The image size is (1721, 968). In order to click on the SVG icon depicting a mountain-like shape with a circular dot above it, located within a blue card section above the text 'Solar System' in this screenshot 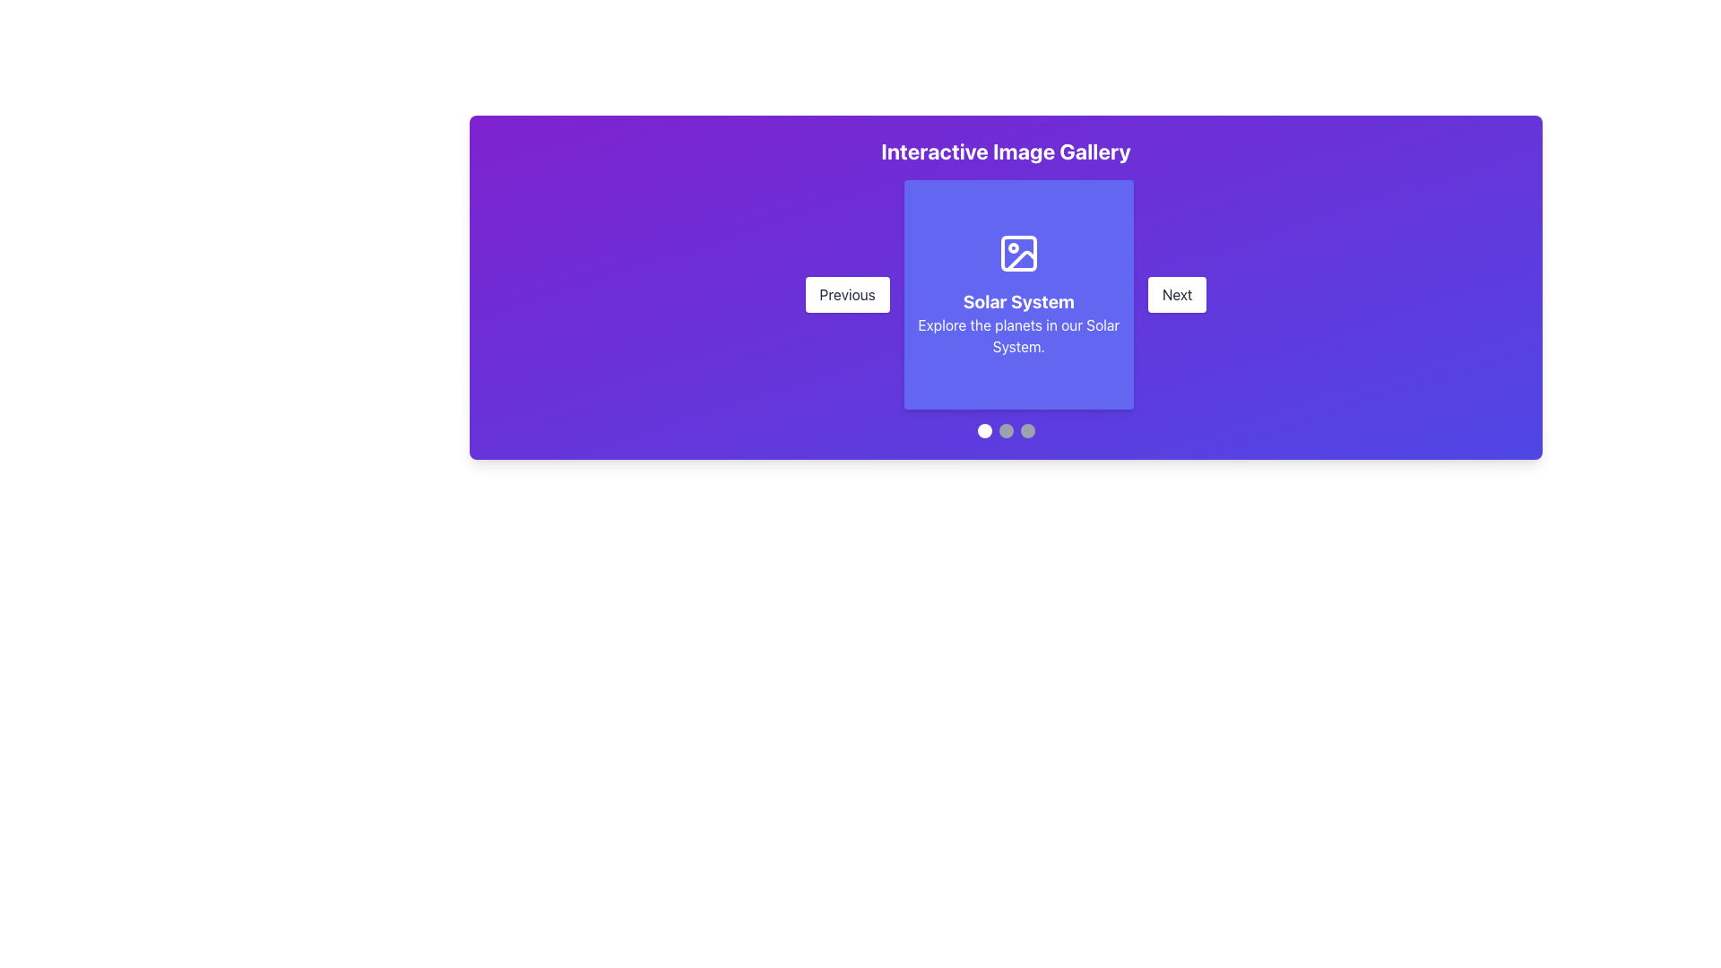, I will do `click(1018, 253)`.